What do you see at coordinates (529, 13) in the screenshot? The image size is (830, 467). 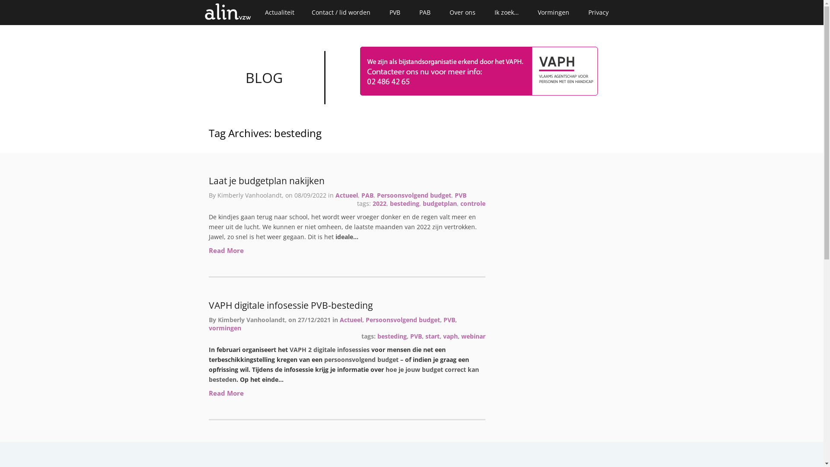 I see `'Vormingen'` at bounding box center [529, 13].